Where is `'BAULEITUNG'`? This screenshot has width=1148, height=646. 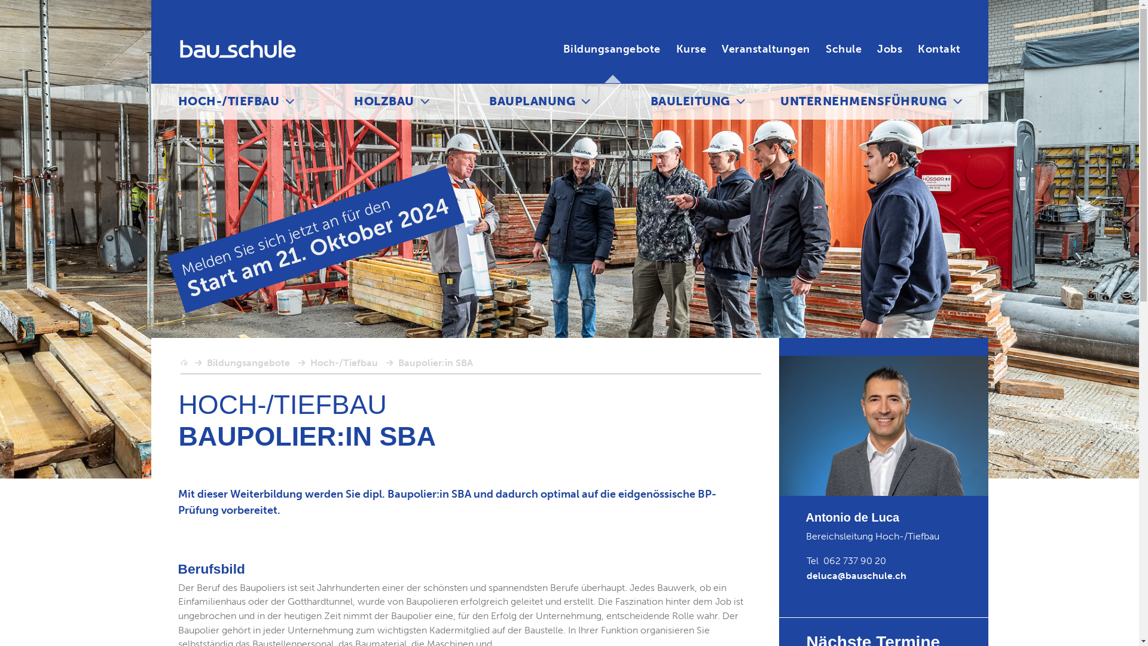 'BAULEITUNG' is located at coordinates (690, 100).